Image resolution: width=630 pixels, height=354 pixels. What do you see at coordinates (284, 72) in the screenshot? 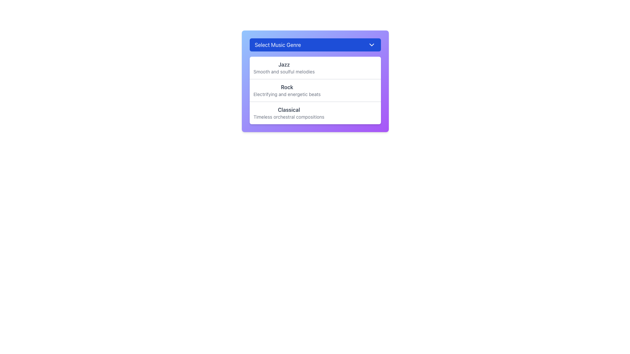
I see `the descriptive text label for the 'Jazz' music genre located in the dropdown menu under the 'Jazz' title` at bounding box center [284, 72].